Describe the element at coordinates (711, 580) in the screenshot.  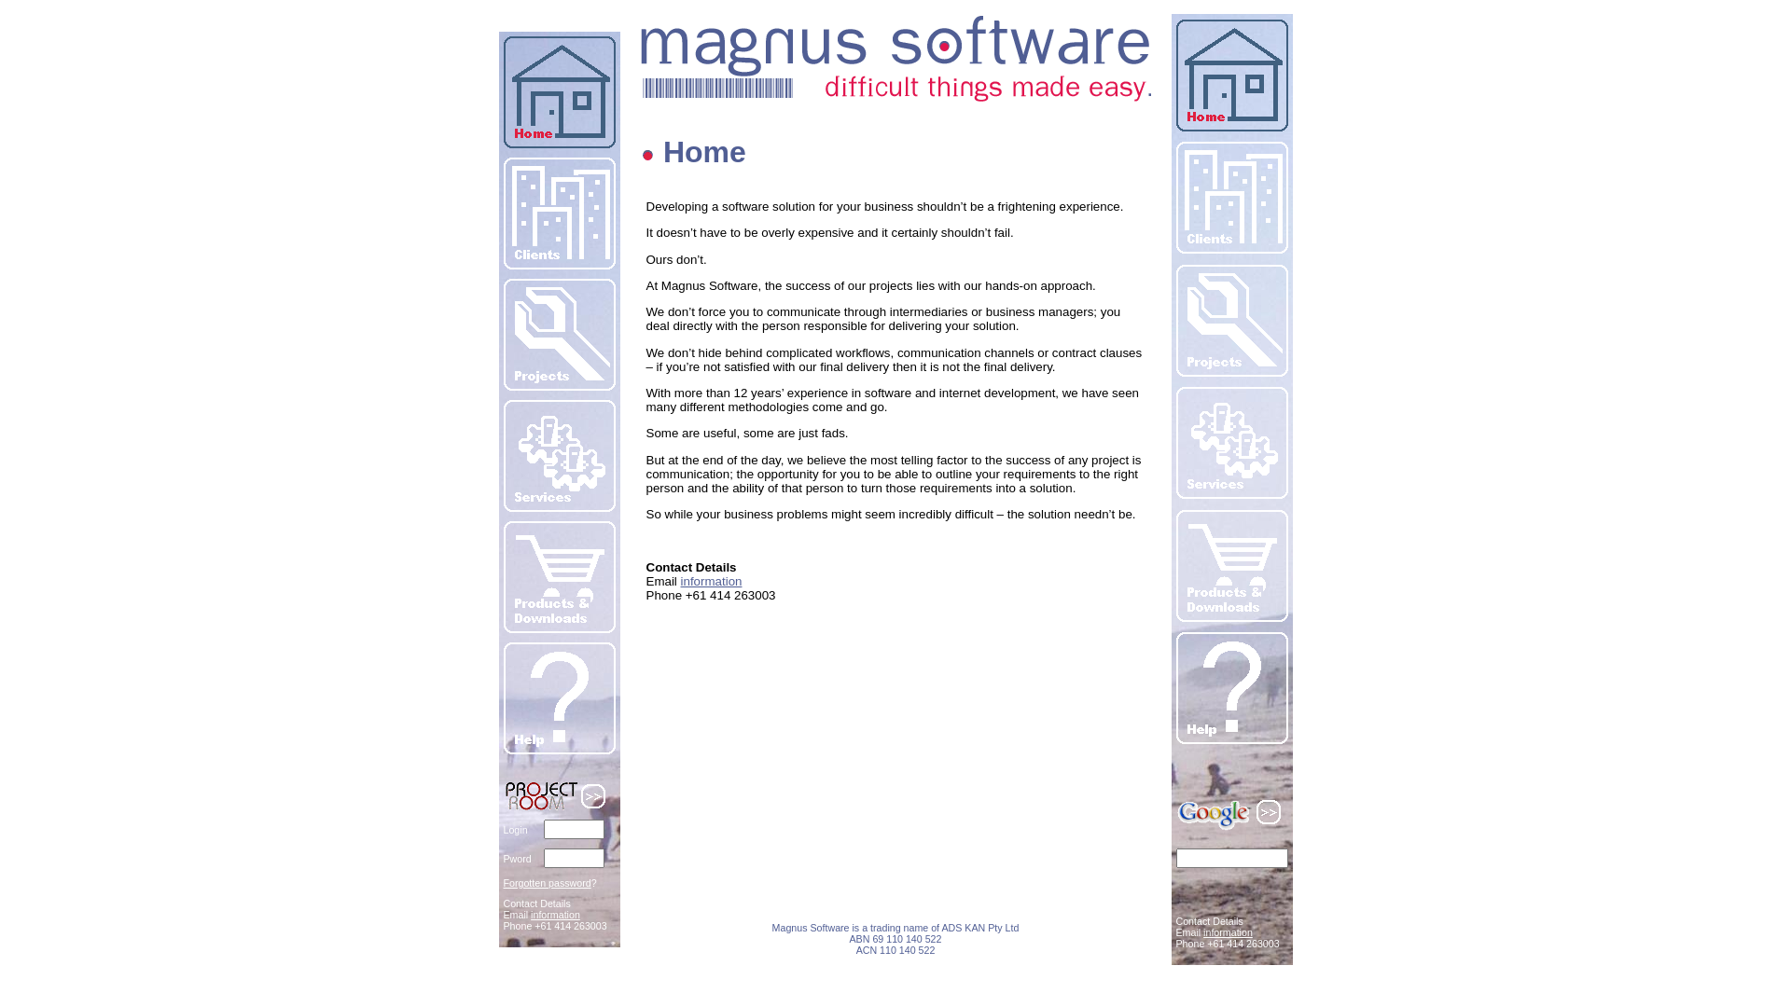
I see `'information'` at that location.